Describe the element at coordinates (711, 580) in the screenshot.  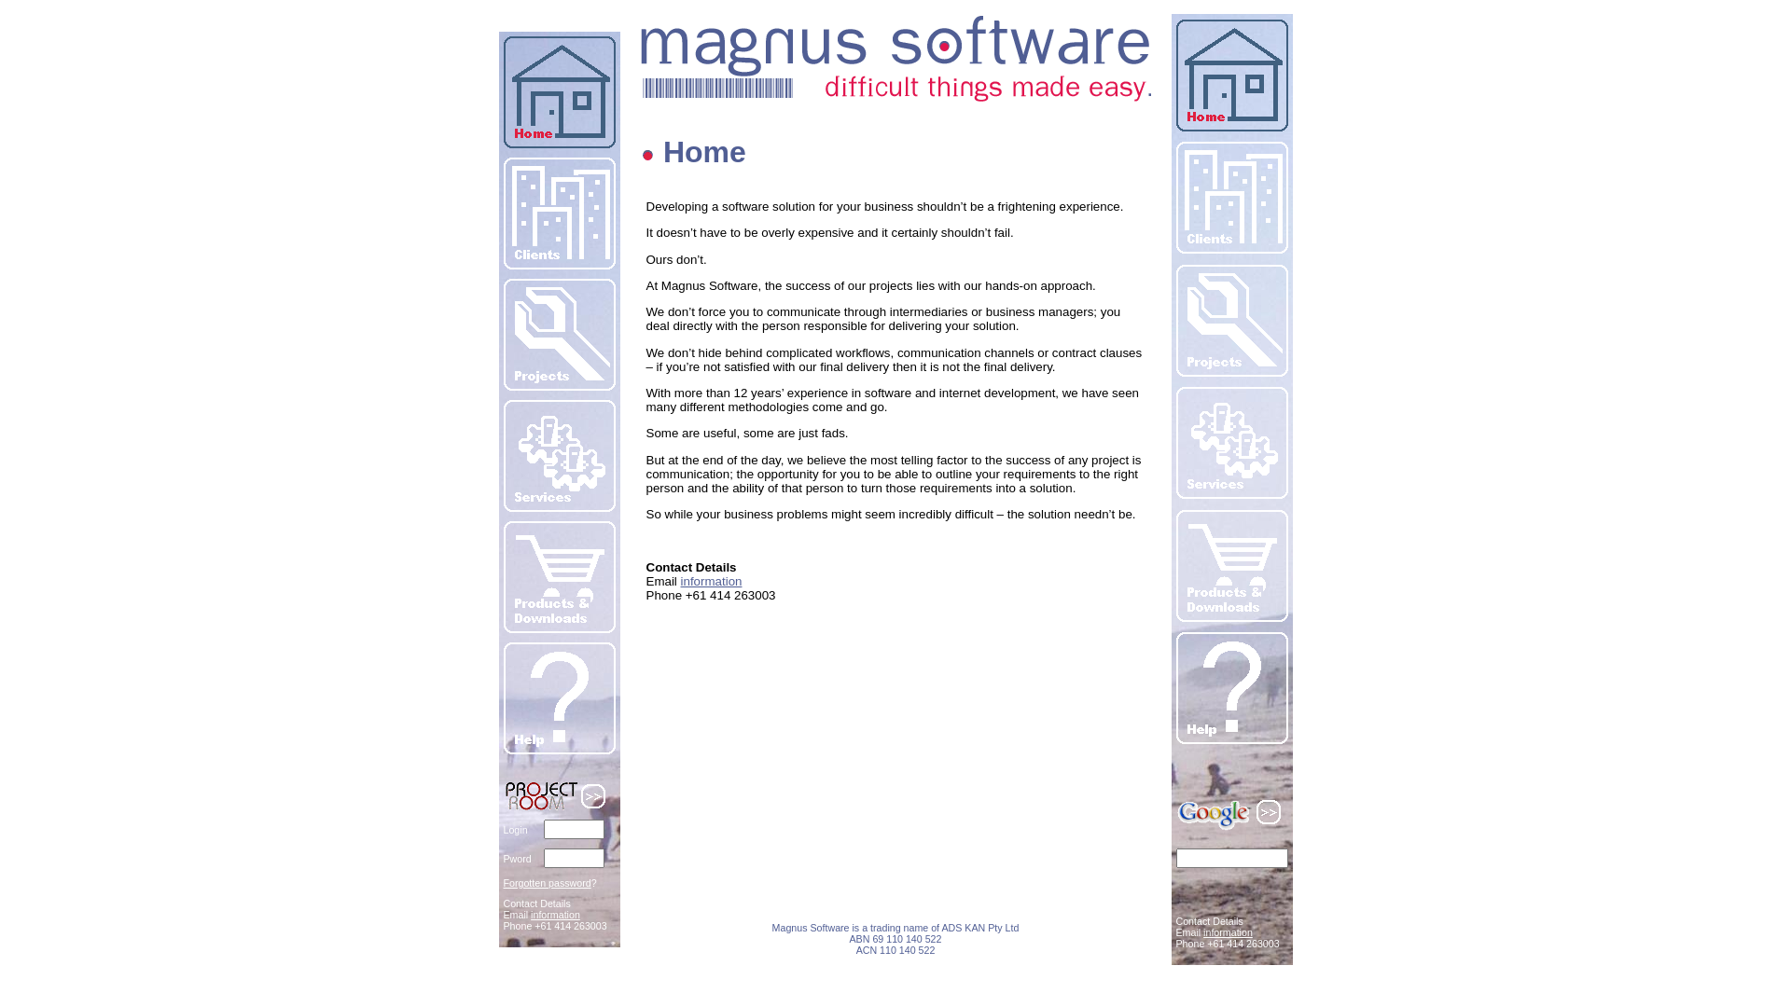
I see `'information'` at that location.